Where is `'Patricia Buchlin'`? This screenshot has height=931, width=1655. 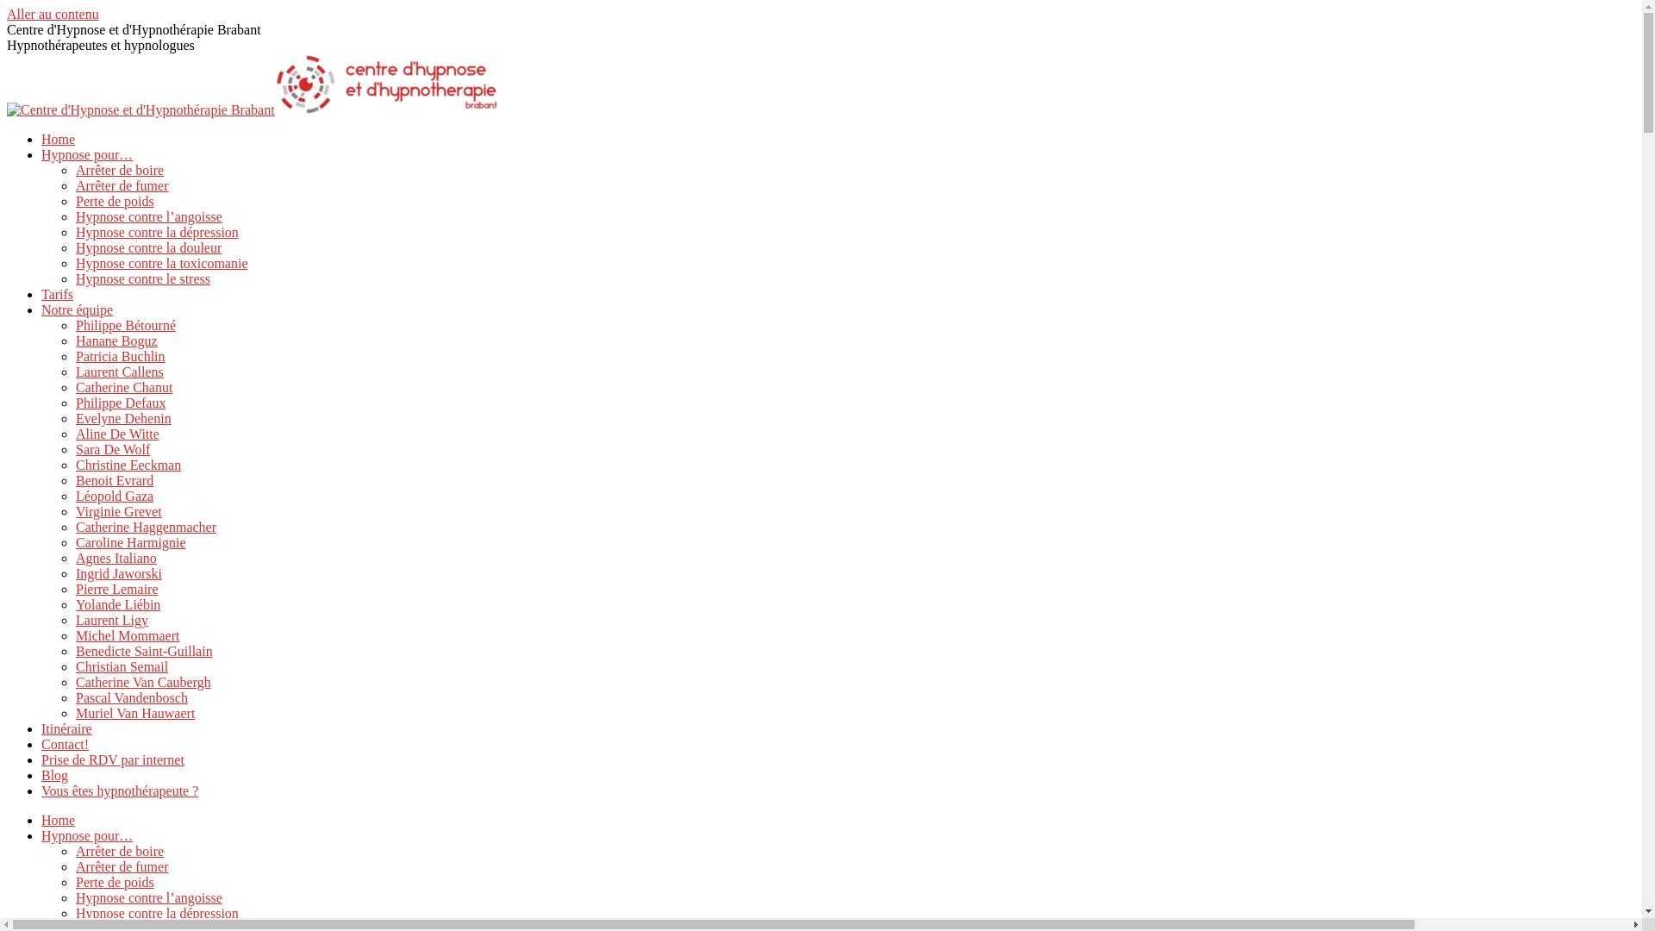
'Patricia Buchlin' is located at coordinates (119, 355).